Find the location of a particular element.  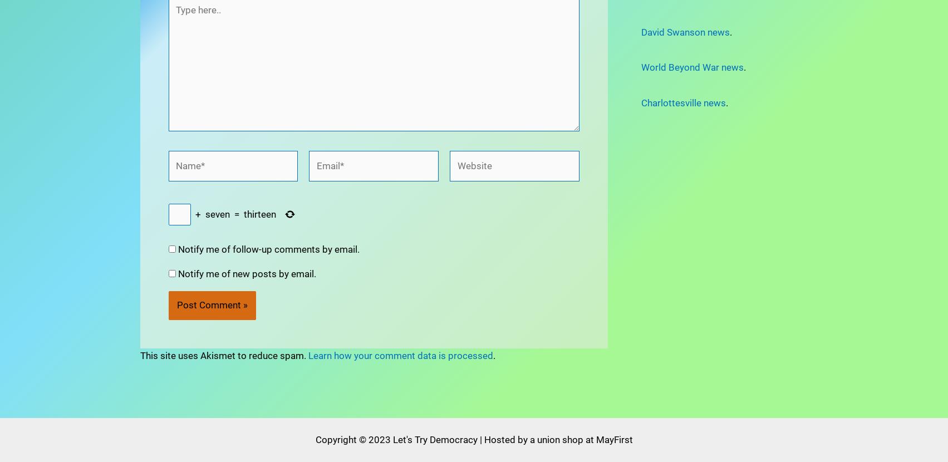

'Charlottesville news' is located at coordinates (682, 103).